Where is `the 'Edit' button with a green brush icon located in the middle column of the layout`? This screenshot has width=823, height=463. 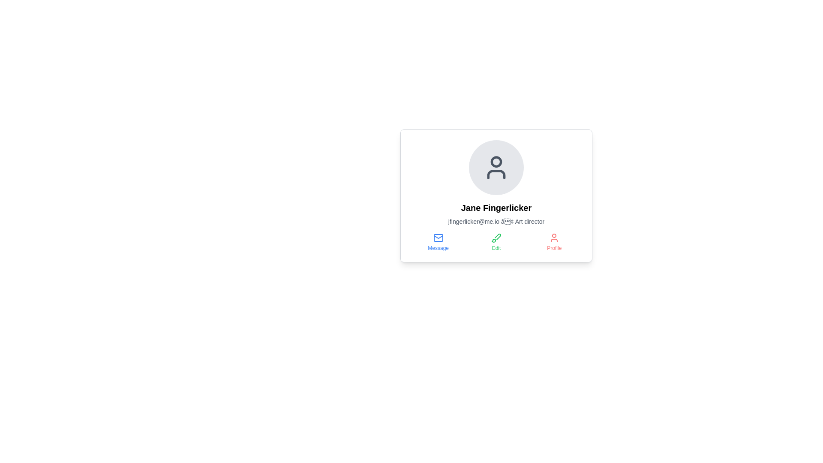
the 'Edit' button with a green brush icon located in the middle column of the layout is located at coordinates (496, 242).